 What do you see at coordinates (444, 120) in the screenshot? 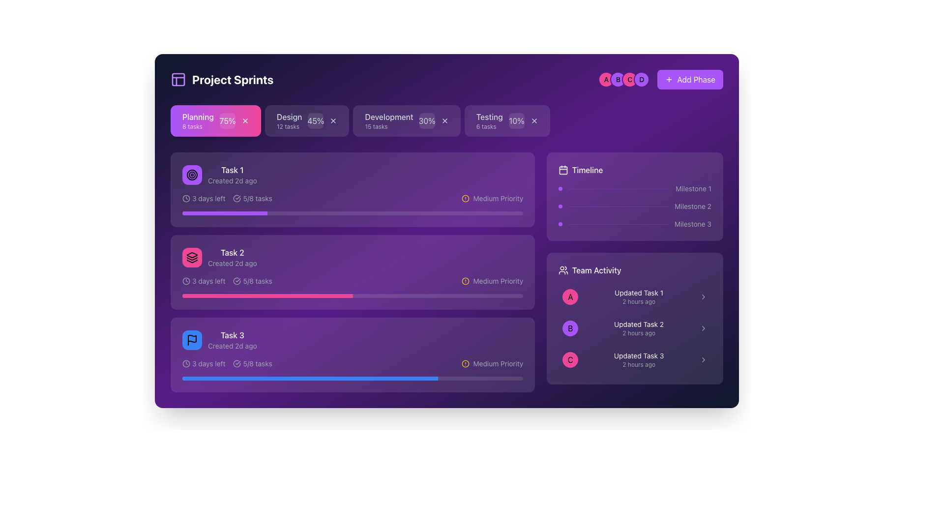
I see `the cross icon button located at the far right of the 'Development' category section, which is part of a horizontal row of categories near the top-center of the interface` at bounding box center [444, 120].